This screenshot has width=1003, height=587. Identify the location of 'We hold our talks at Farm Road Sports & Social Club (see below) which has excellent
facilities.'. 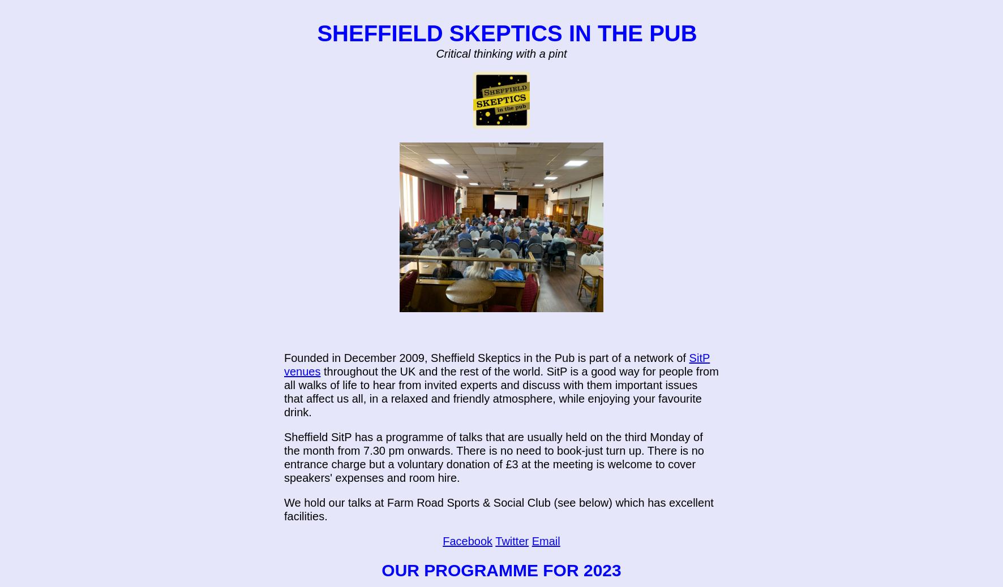
(499, 509).